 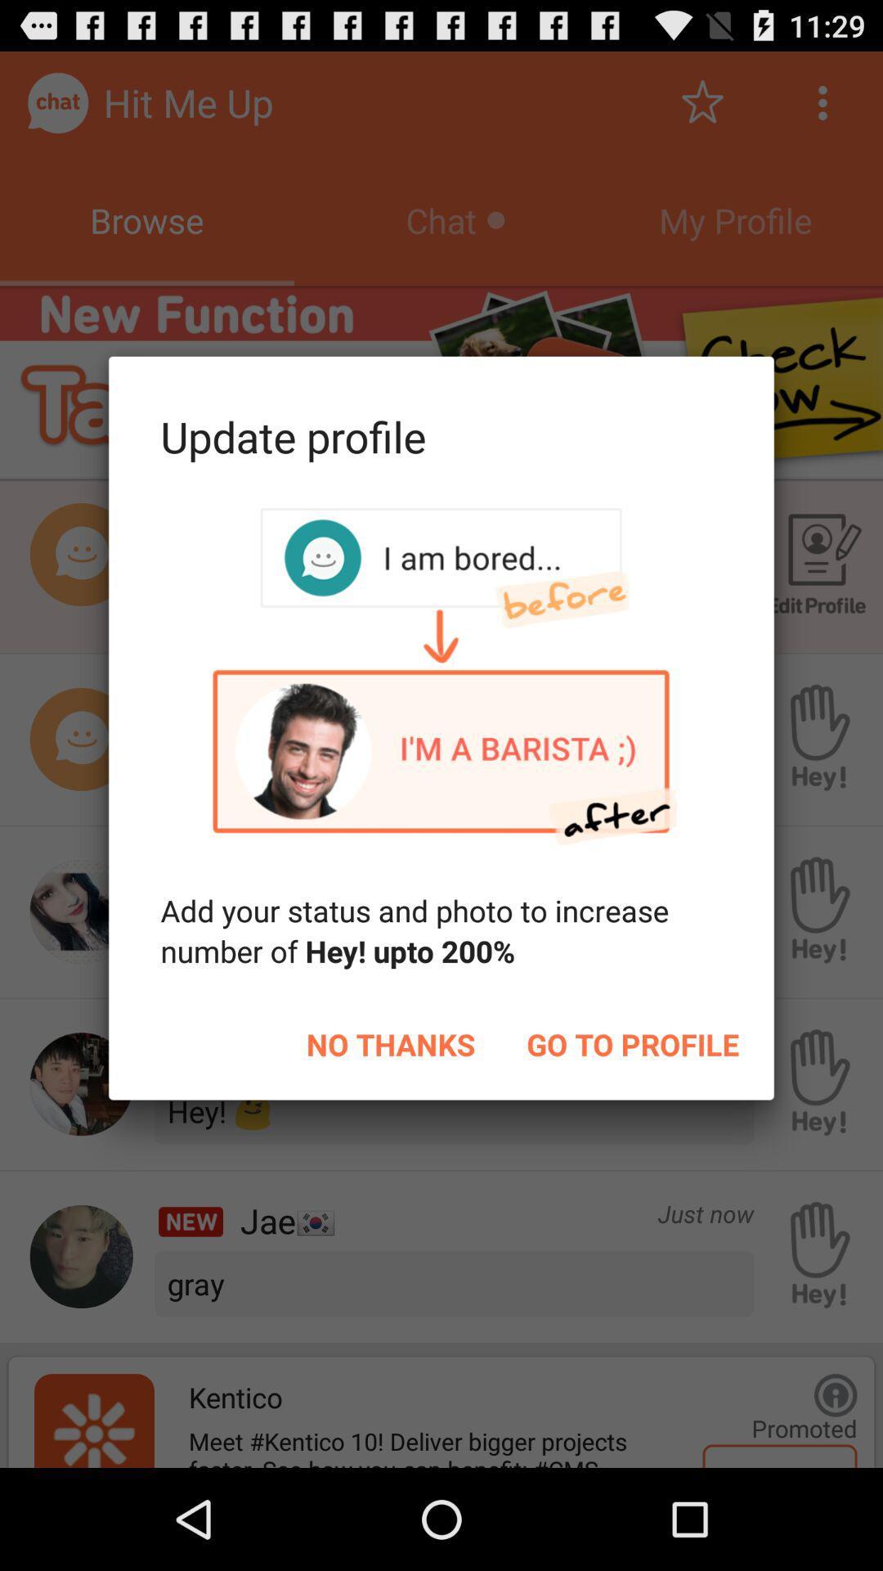 What do you see at coordinates (632, 1043) in the screenshot?
I see `item to the right of no thanks icon` at bounding box center [632, 1043].